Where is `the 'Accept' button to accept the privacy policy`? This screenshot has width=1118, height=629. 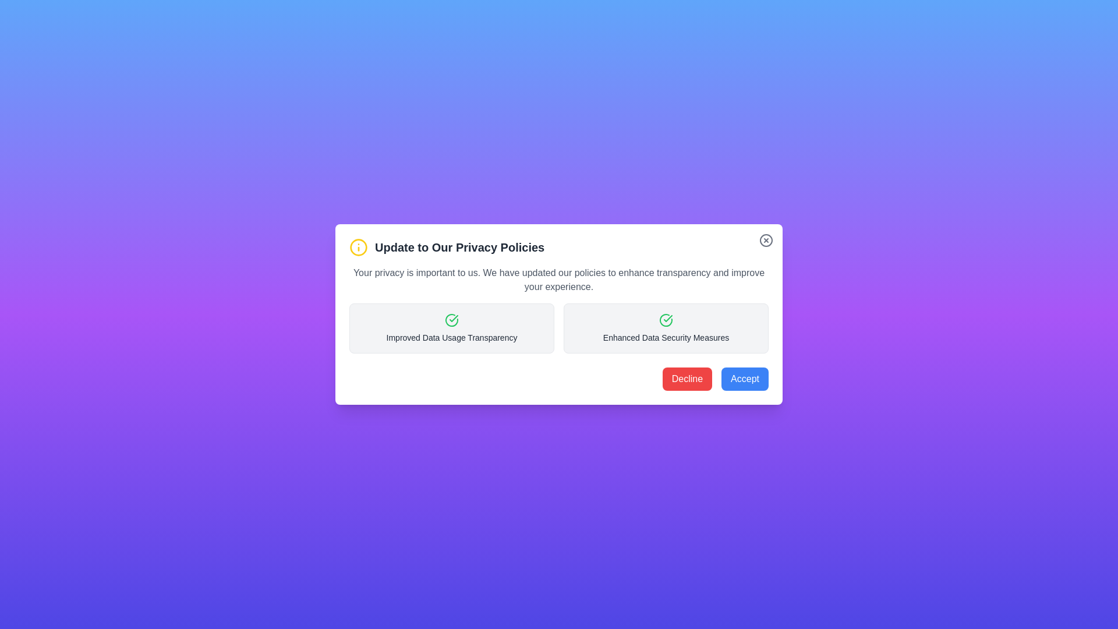 the 'Accept' button to accept the privacy policy is located at coordinates (744, 379).